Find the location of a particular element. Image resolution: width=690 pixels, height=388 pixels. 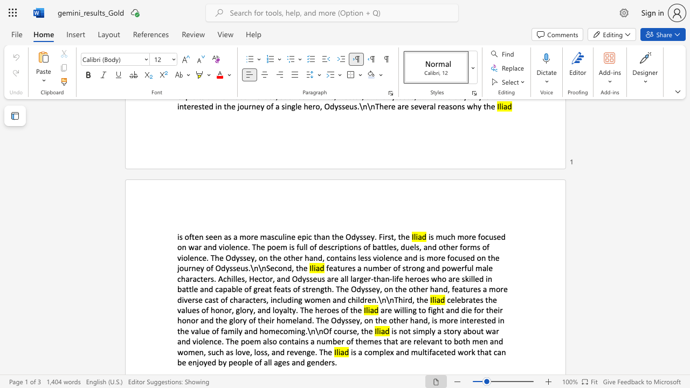

the subset text "han the Odyssey. Fir" within the text "is often seen as a more masculine epic than the Odyssey. First, the" is located at coordinates (316, 236).